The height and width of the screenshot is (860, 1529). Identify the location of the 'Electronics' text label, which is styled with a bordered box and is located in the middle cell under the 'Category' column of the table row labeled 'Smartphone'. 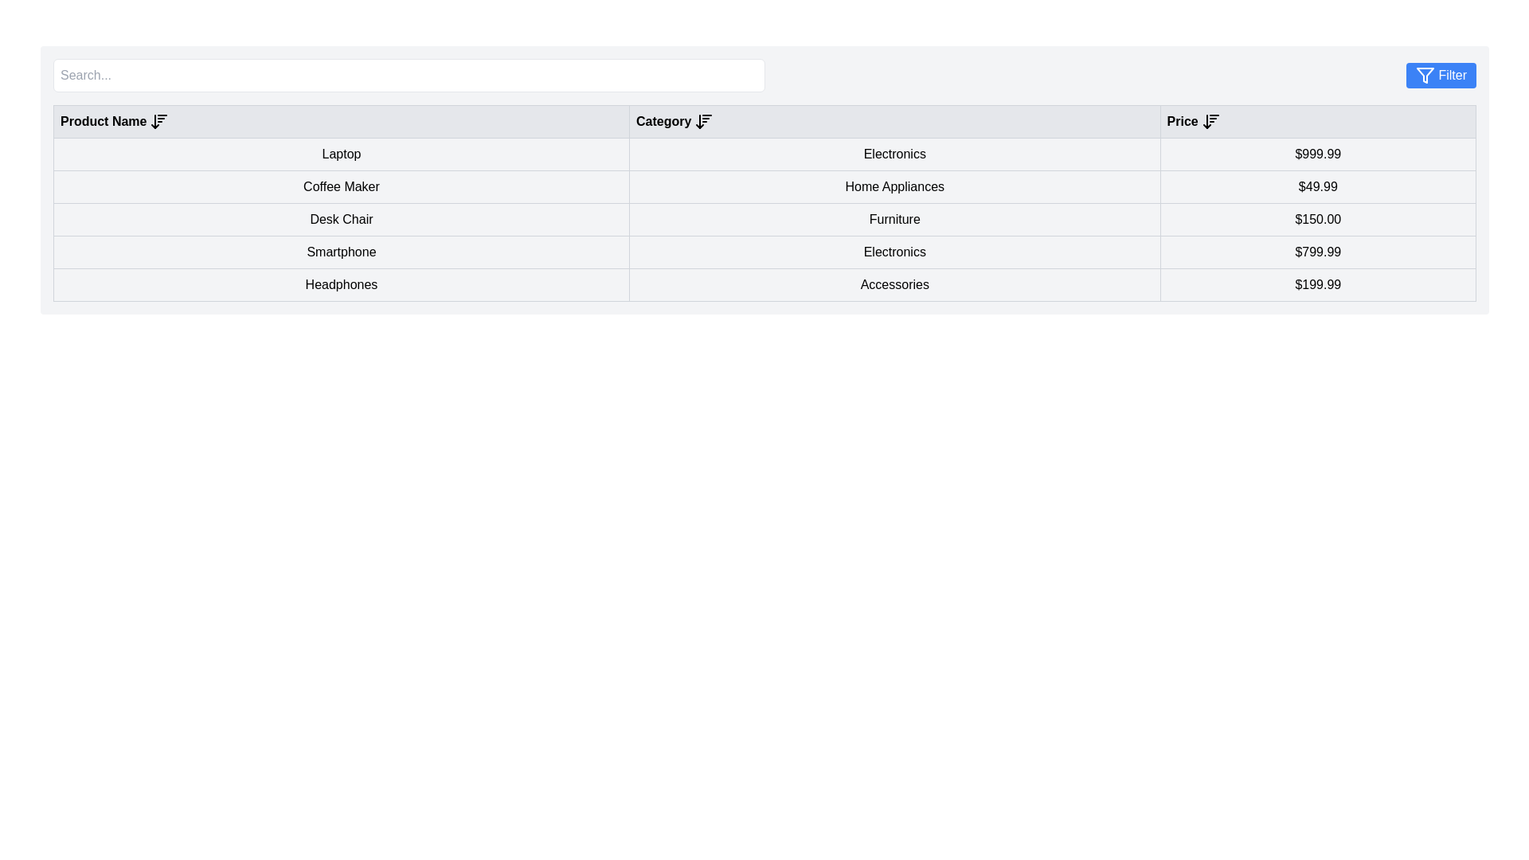
(894, 251).